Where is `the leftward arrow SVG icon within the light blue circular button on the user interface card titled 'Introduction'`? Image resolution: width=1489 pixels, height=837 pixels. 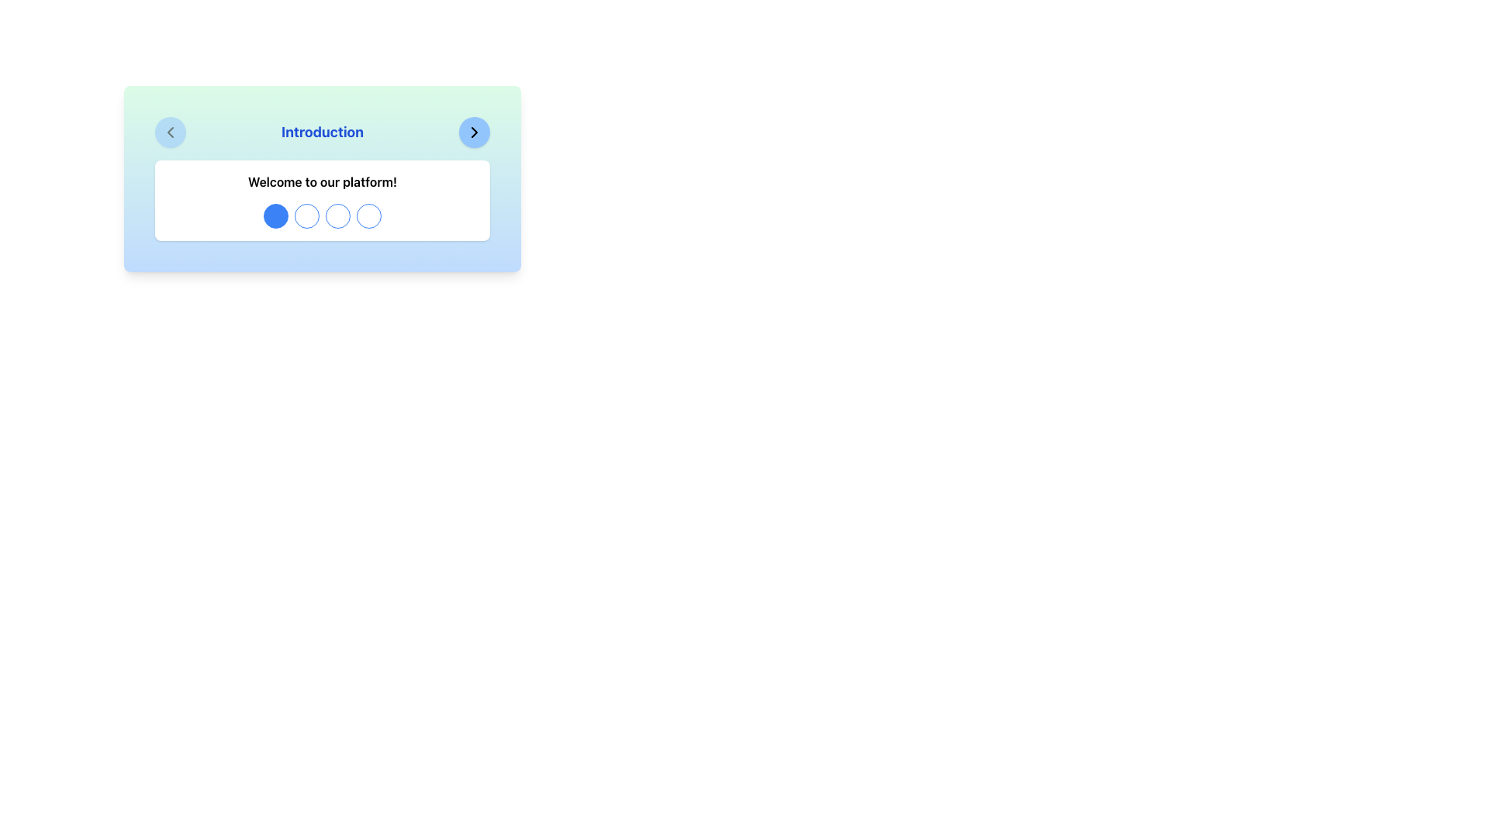
the leftward arrow SVG icon within the light blue circular button on the user interface card titled 'Introduction' is located at coordinates (171, 131).